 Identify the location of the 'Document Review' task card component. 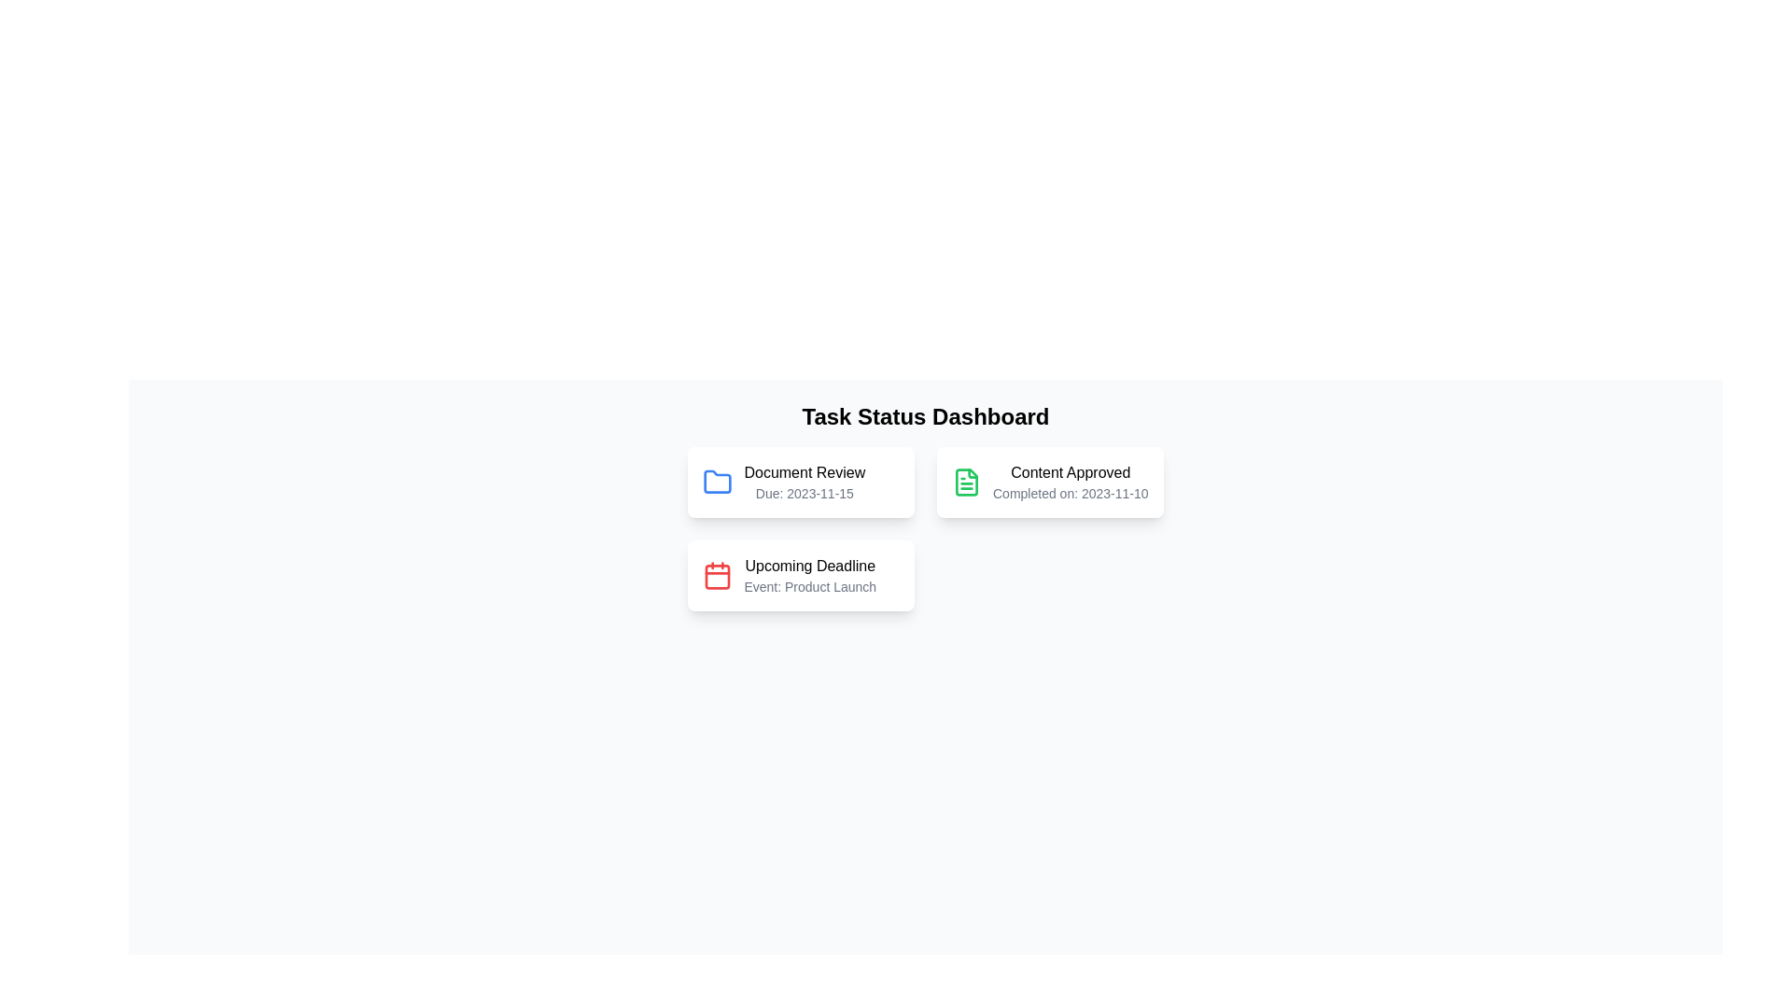
(801, 481).